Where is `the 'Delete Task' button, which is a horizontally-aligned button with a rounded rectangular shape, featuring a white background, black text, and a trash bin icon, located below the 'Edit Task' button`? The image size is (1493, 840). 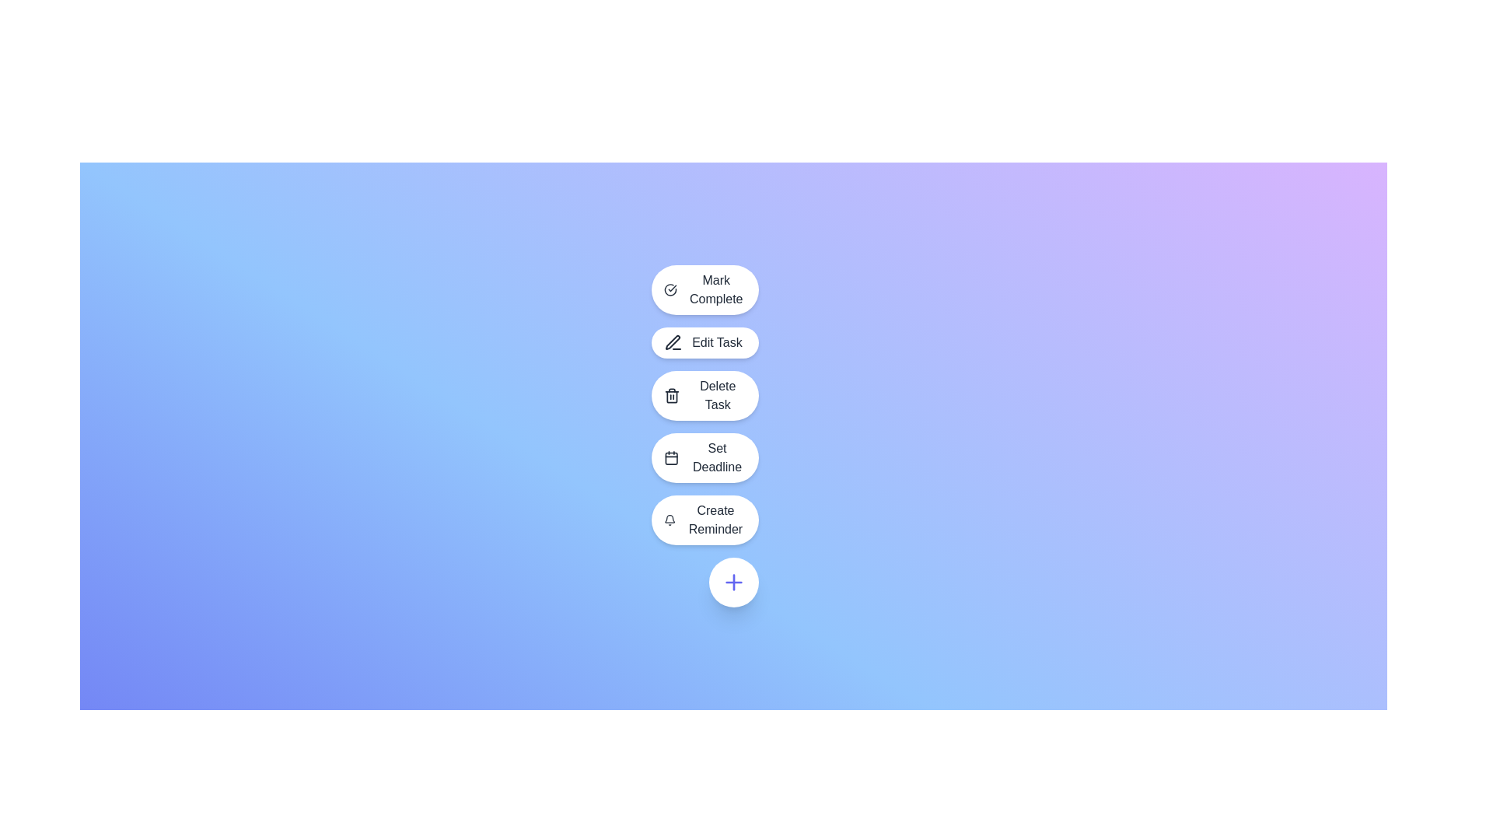
the 'Delete Task' button, which is a horizontally-aligned button with a rounded rectangular shape, featuring a white background, black text, and a trash bin icon, located below the 'Edit Task' button is located at coordinates (704, 395).